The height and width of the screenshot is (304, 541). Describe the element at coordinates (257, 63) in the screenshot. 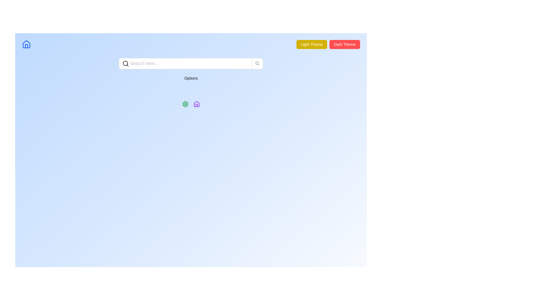

I see `the magnifying glass icon` at that location.